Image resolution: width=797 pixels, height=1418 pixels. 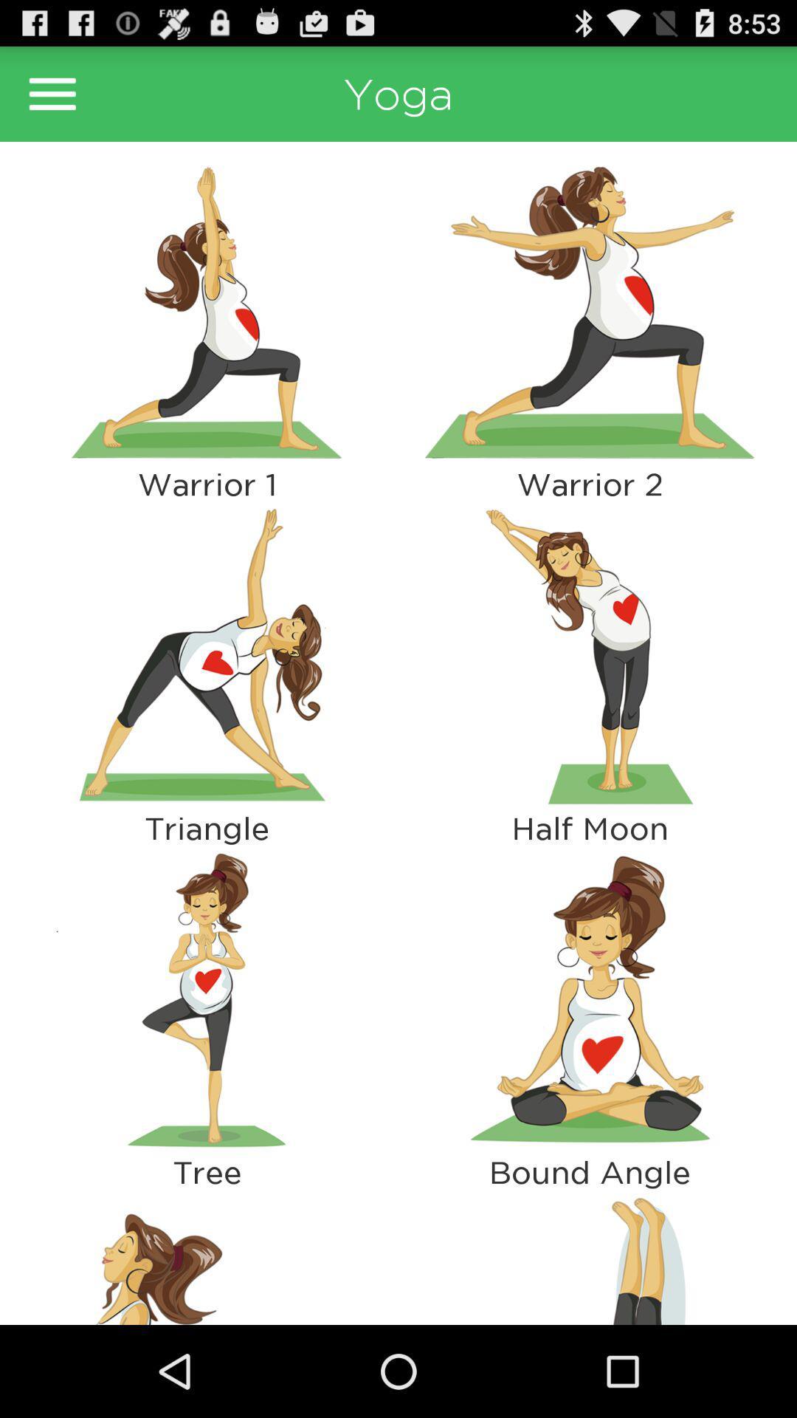 I want to click on app to the left of the yoga item, so click(x=52, y=93).